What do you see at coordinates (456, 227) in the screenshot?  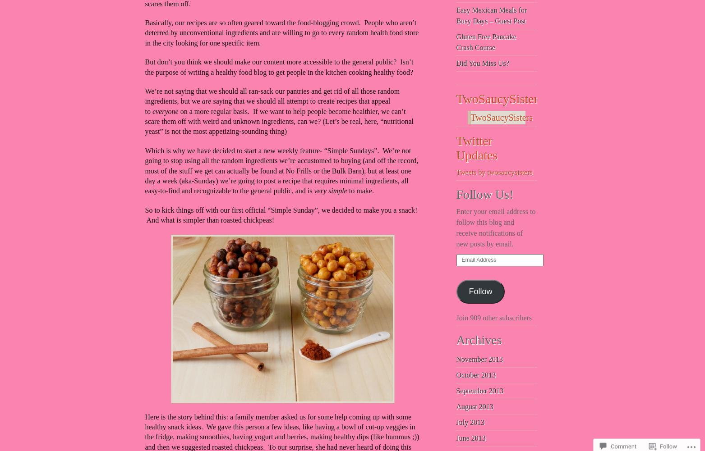 I see `'Enter your email address to follow this blog and receive notifications of new posts by email.'` at bounding box center [456, 227].